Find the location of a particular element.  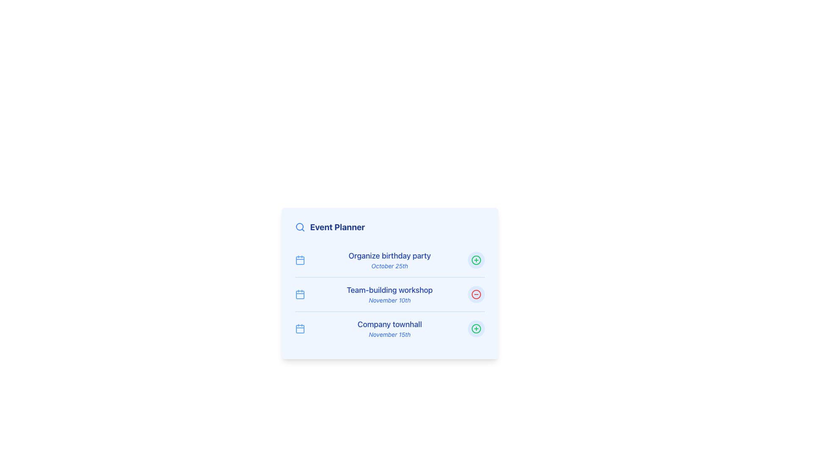

the first interactive list item in the Event Planner, which displays 'Organize birthday party' is located at coordinates (389, 259).